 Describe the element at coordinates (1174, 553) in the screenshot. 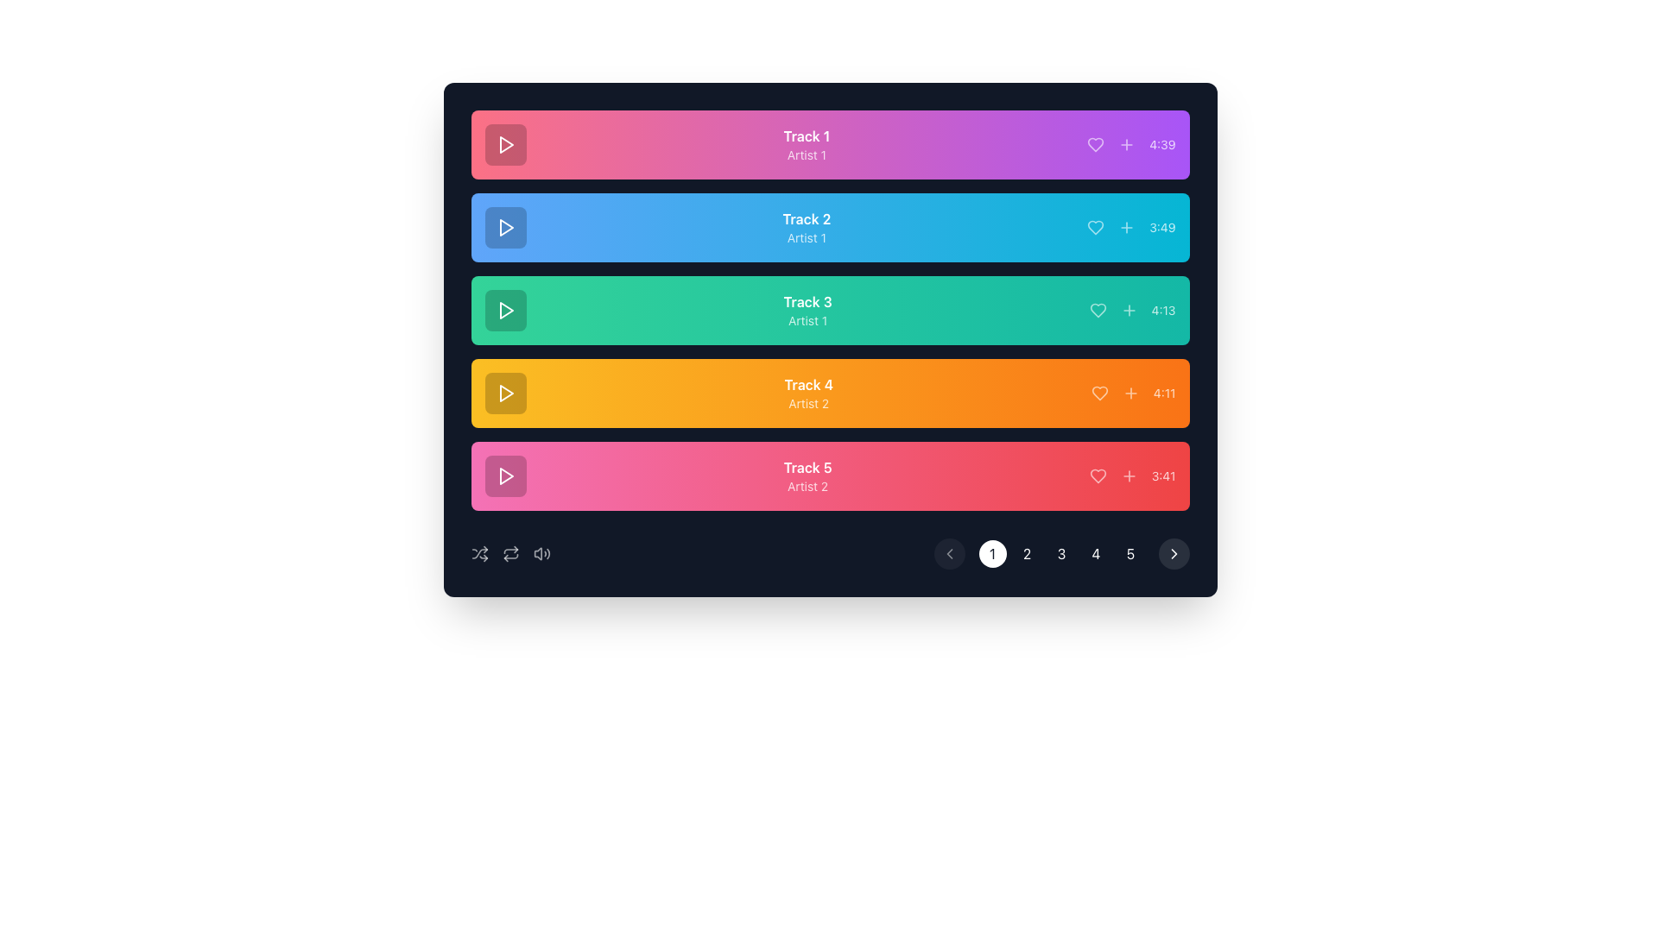

I see `the navigation chevron icon embedded in the circular button located in the bottom-right corner of the interface for guidance on navigation` at that location.